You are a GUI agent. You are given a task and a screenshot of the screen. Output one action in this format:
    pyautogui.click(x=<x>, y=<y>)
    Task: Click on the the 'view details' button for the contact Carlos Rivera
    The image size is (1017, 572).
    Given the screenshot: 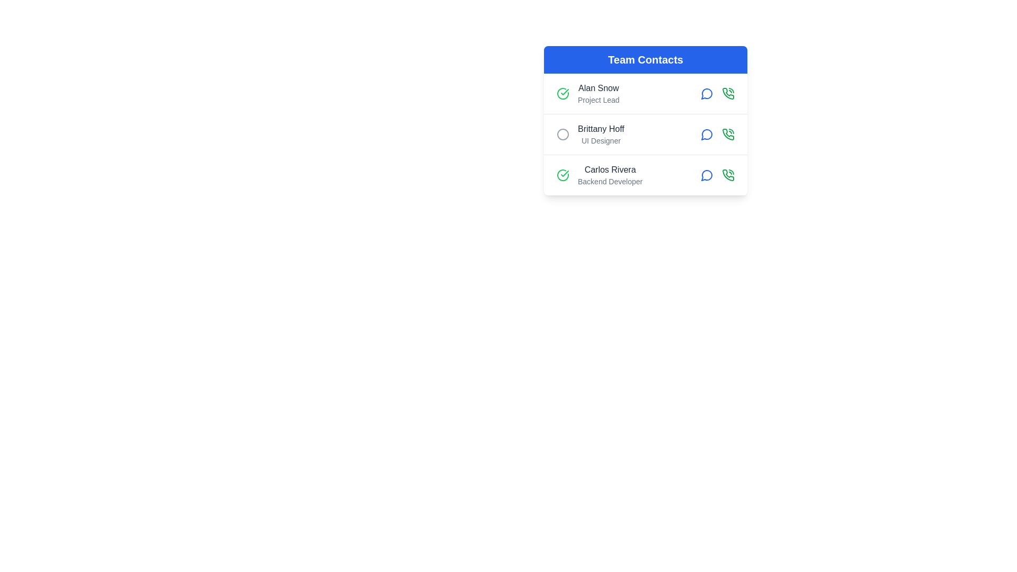 What is the action you would take?
    pyautogui.click(x=707, y=175)
    